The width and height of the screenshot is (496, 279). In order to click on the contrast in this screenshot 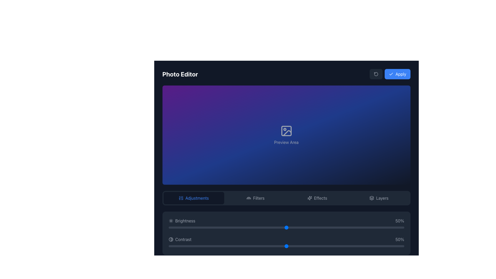, I will do `click(385, 246)`.